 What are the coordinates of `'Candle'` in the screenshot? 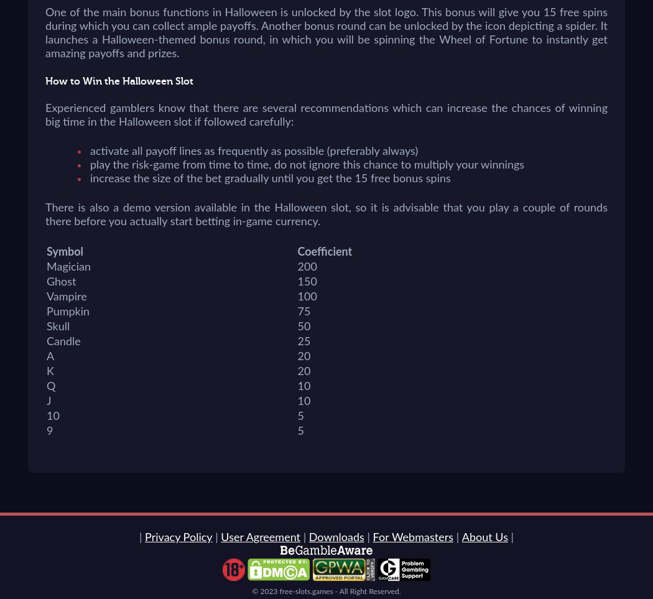 It's located at (63, 341).